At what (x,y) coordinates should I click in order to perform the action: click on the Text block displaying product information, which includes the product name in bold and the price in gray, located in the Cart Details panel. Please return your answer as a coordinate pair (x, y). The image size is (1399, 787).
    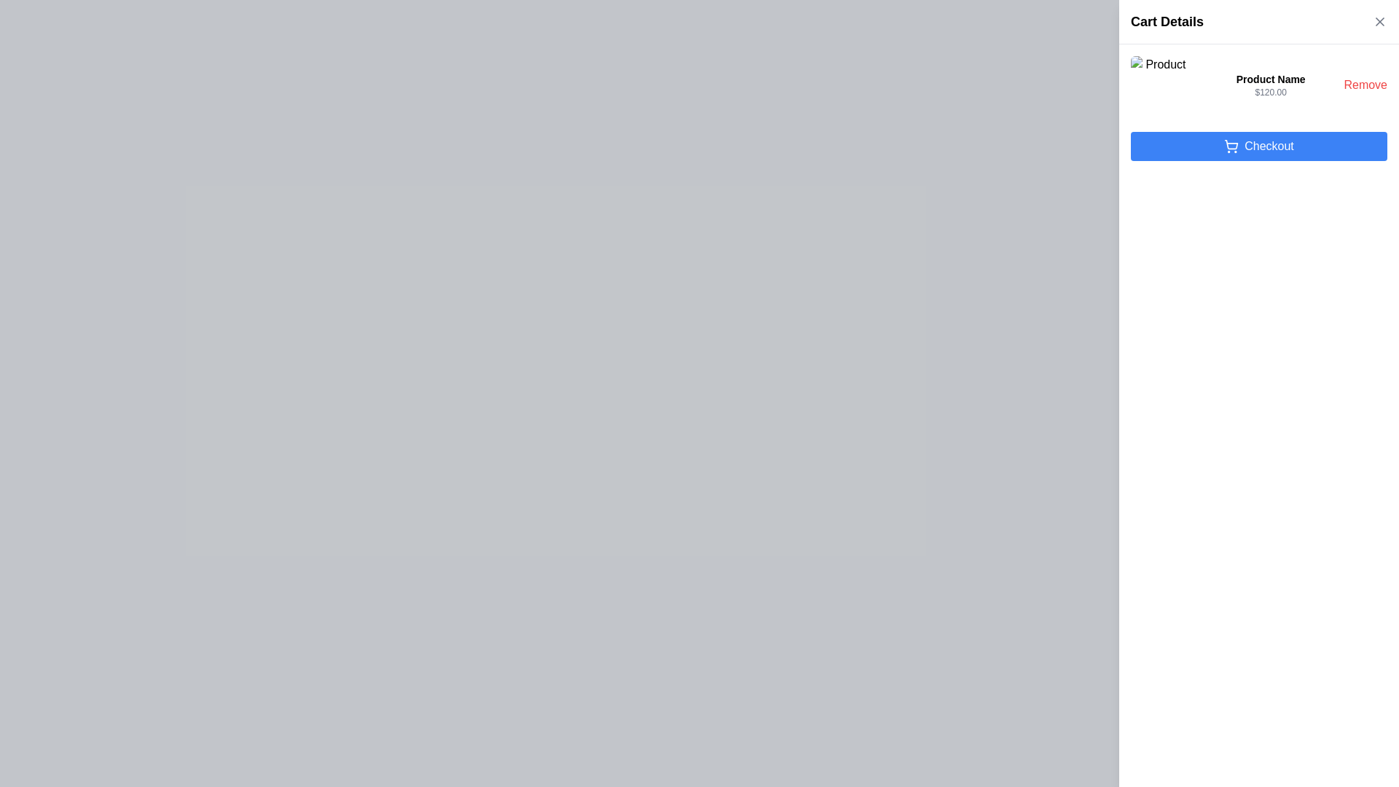
    Looking at the image, I should click on (1270, 85).